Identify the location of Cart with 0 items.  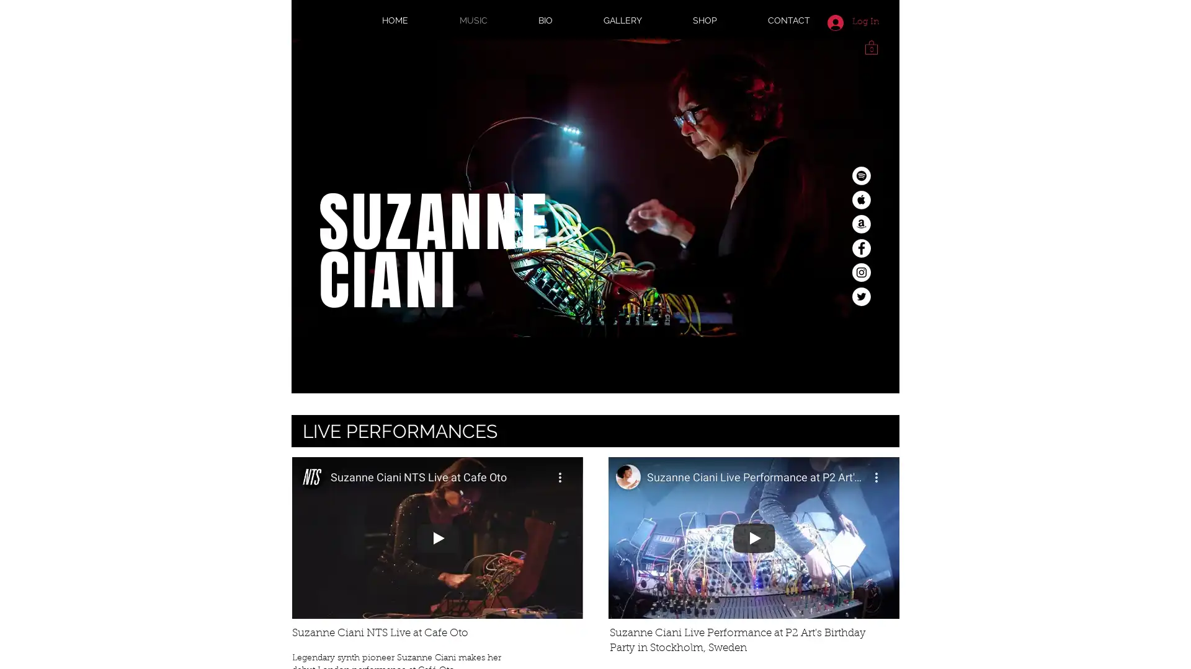
(871, 46).